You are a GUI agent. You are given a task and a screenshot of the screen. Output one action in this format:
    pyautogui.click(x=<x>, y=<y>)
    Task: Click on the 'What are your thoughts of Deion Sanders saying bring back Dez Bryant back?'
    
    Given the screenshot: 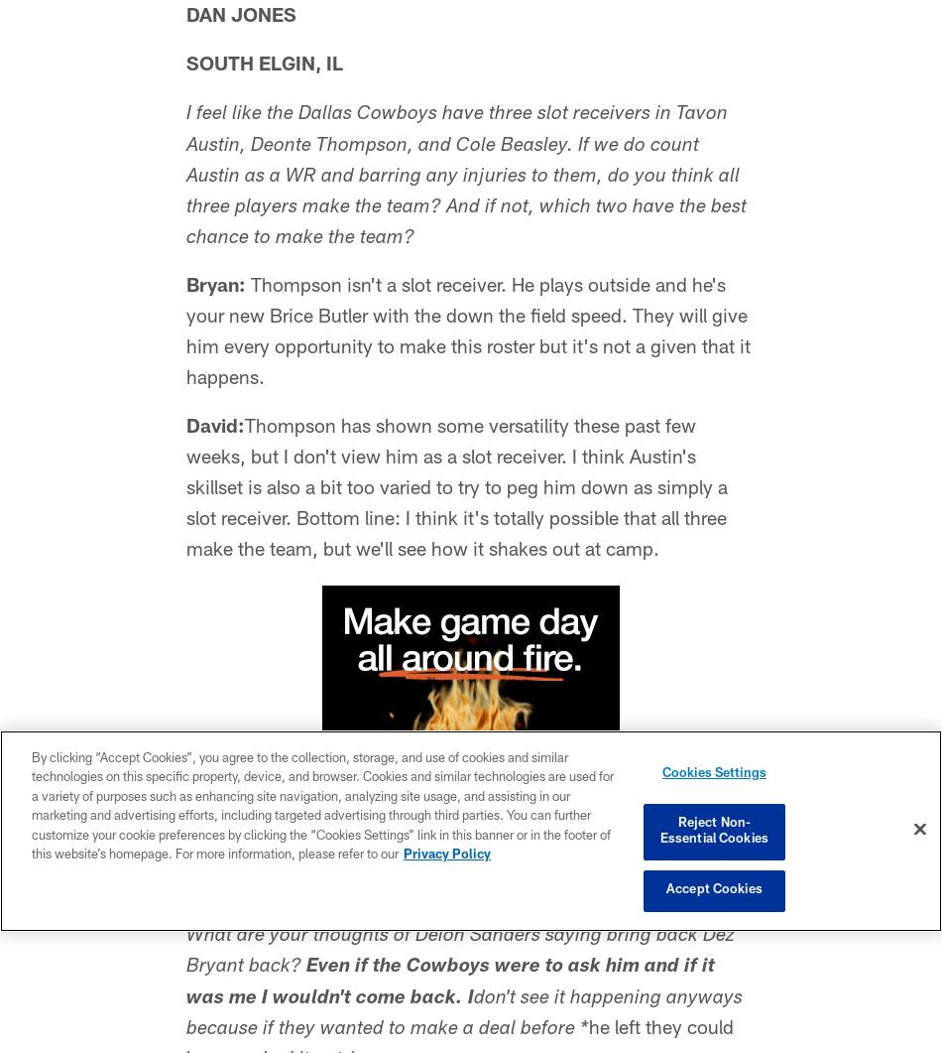 What is the action you would take?
    pyautogui.click(x=459, y=951)
    